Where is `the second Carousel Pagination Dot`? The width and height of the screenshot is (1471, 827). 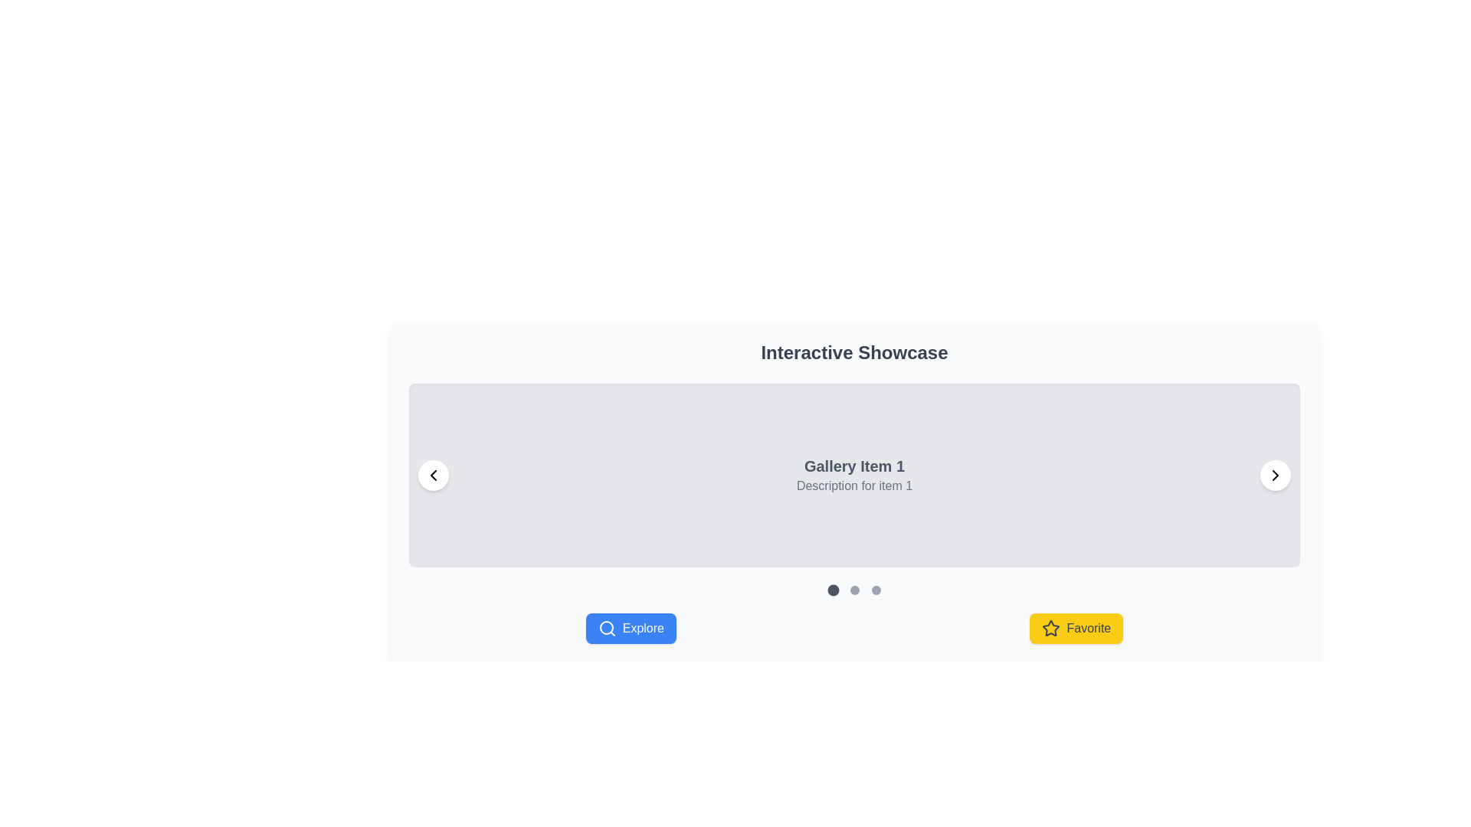 the second Carousel Pagination Dot is located at coordinates (853, 590).